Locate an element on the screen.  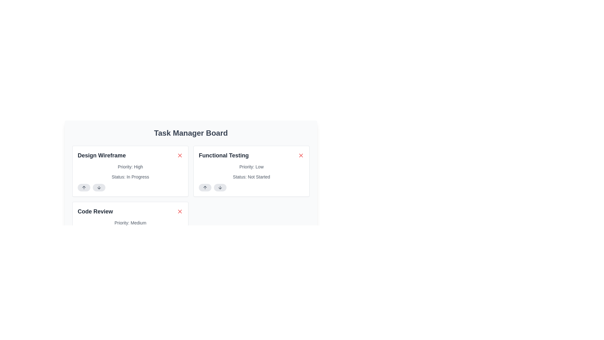
the textual information on the second card titled 'Functional Testing' in the 'Task Manager Board', which contains the subtitles 'Priority: Low' and 'Status: Not Started' is located at coordinates (251, 171).